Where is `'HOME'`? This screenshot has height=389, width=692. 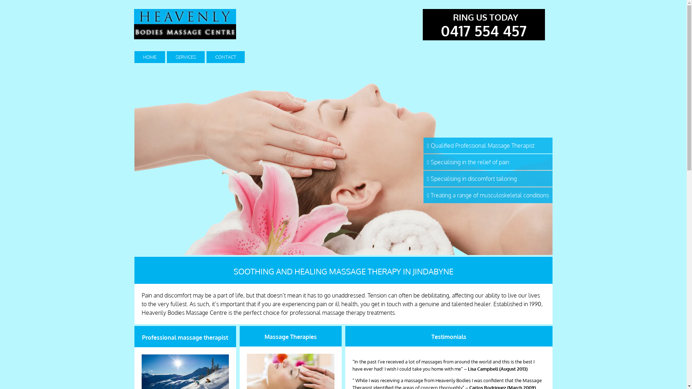 'HOME' is located at coordinates (142, 57).